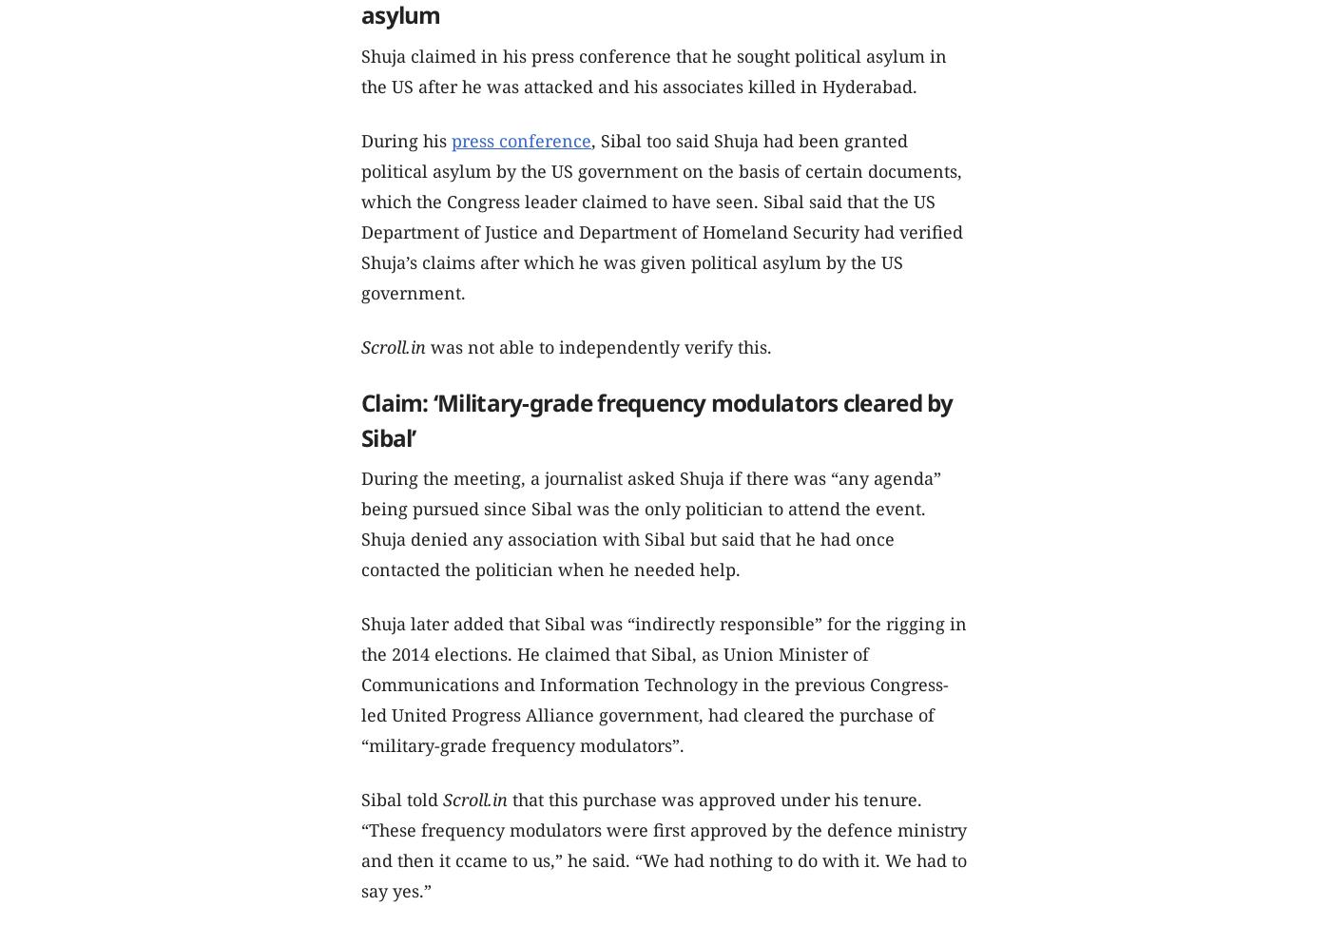 The image size is (1331, 926). I want to click on ', Sibal too said Shuja had been granted political asylum by the US government on the basis of certain documents, which the Congress leader claimed to have seen. Sibal said that the US Department of Justice and Department of Homeland Security had verified Shuja’s claims after which he was given political asylum by the US government.', so click(662, 217).